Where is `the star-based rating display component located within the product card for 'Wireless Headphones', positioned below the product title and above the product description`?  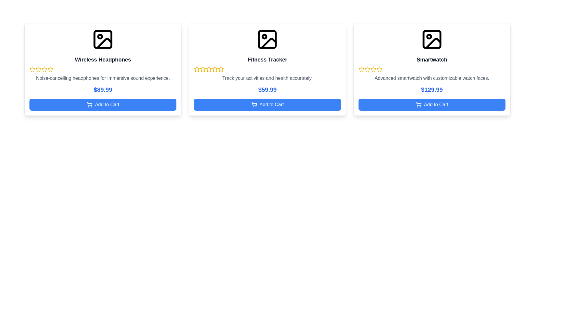 the star-based rating display component located within the product card for 'Wireless Headphones', positioned below the product title and above the product description is located at coordinates (103, 69).